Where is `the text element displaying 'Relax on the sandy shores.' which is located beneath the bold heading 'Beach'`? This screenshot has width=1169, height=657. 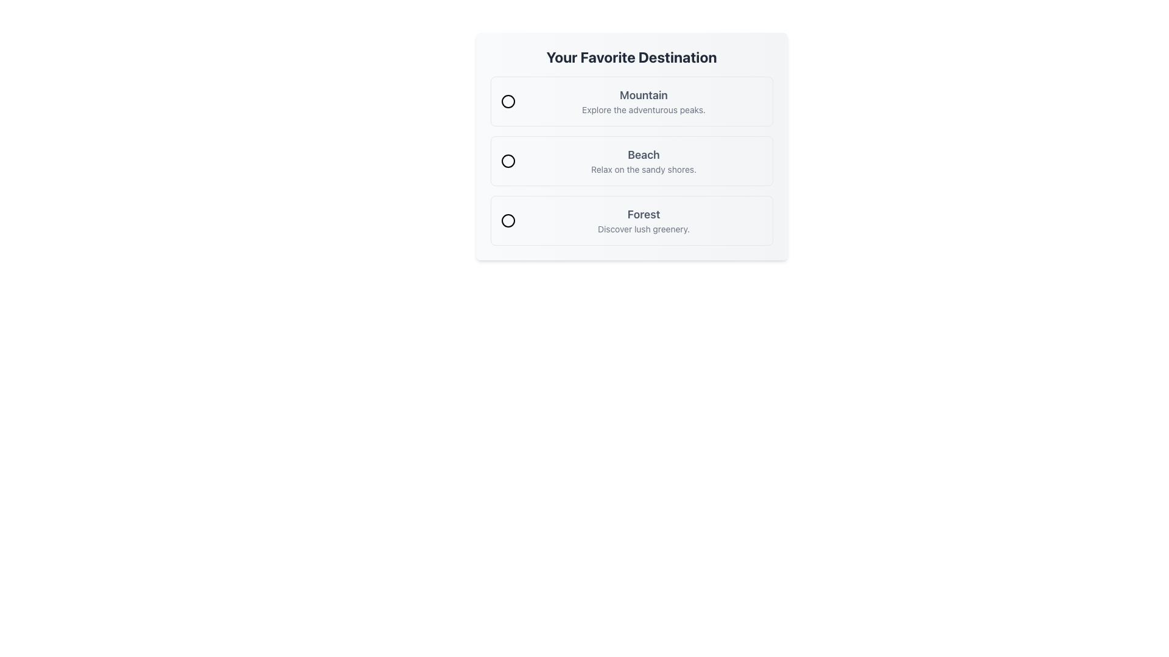 the text element displaying 'Relax on the sandy shores.' which is located beneath the bold heading 'Beach' is located at coordinates (643, 169).